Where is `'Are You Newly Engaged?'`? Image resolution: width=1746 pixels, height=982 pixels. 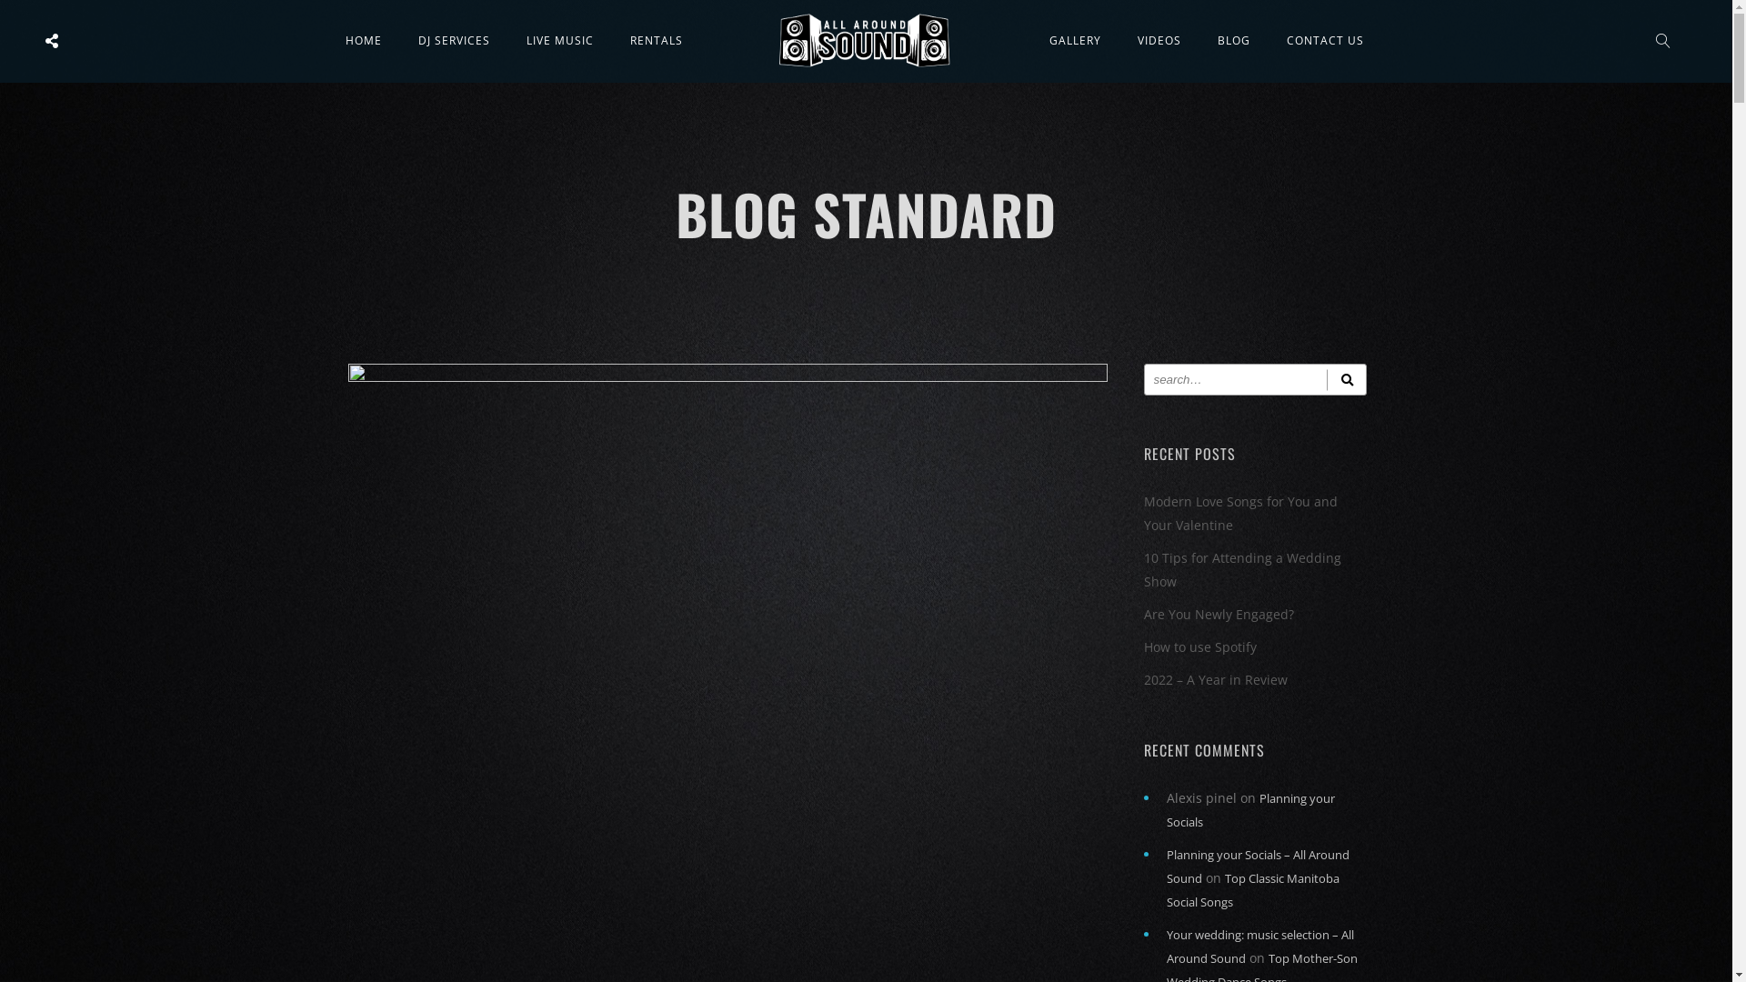 'Are You Newly Engaged?' is located at coordinates (1219, 614).